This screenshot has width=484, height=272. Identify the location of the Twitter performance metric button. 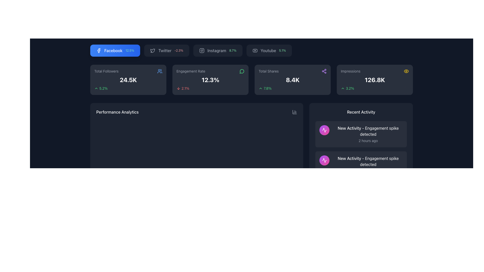
(167, 50).